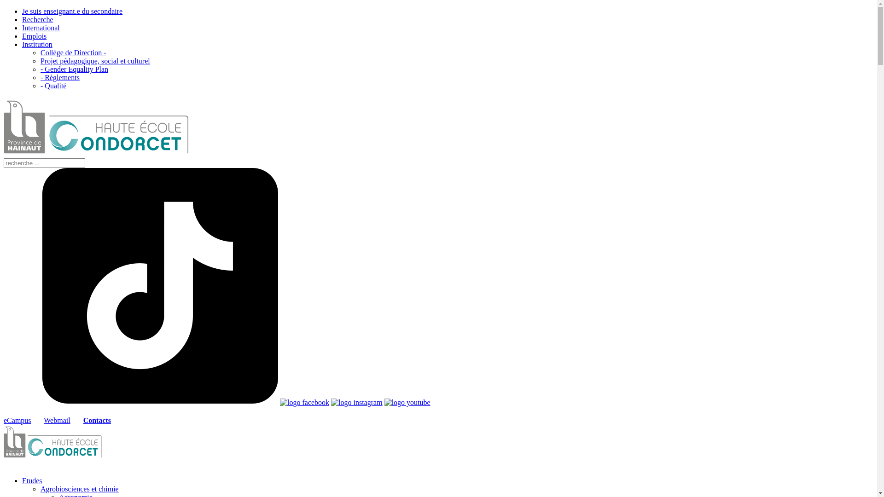 The width and height of the screenshot is (884, 497). What do you see at coordinates (97, 420) in the screenshot?
I see `'Contacts'` at bounding box center [97, 420].